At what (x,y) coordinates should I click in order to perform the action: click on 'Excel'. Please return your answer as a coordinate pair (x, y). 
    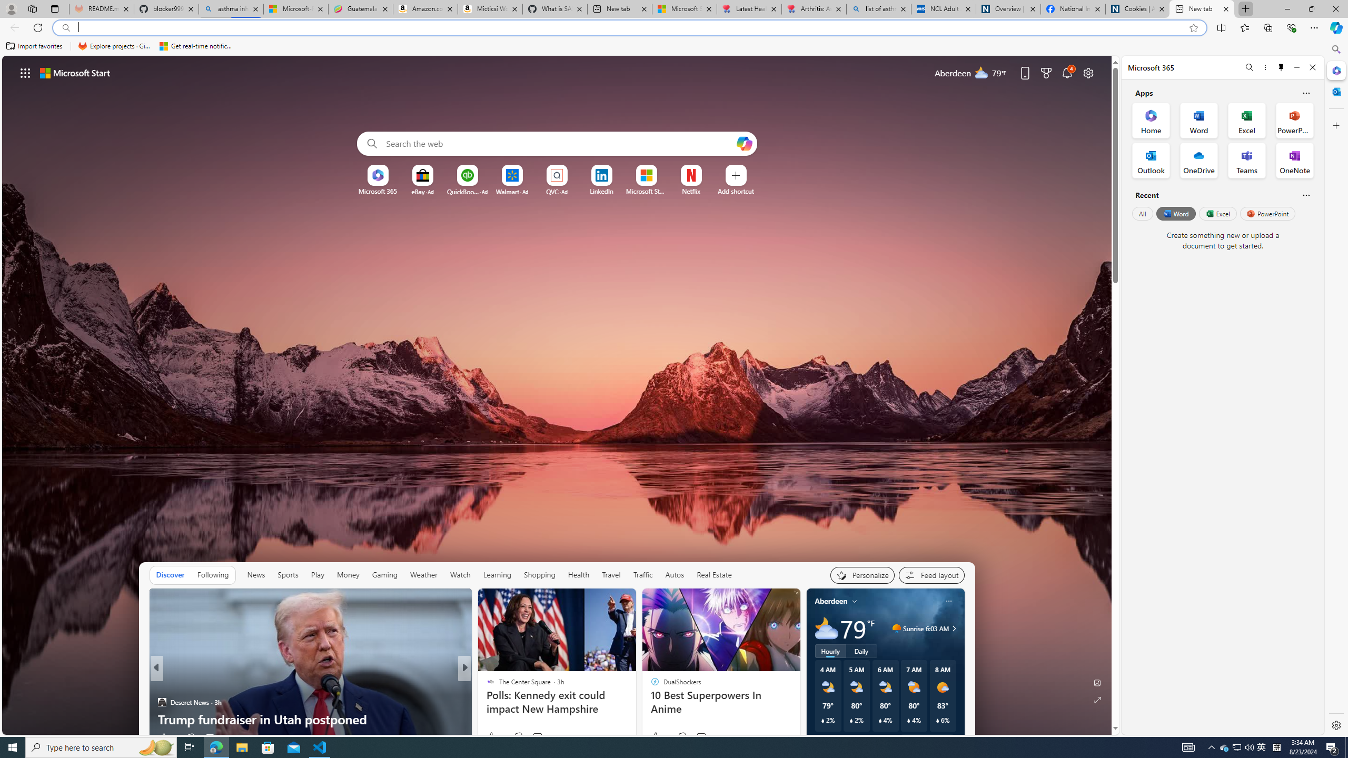
    Looking at the image, I should click on (1217, 213).